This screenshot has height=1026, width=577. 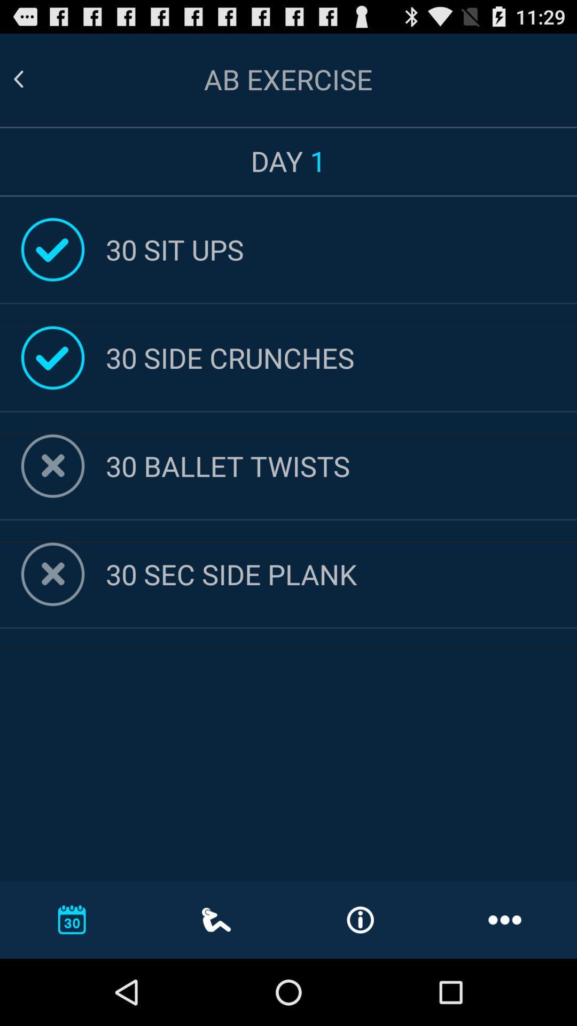 I want to click on the 3 horizontal dots at the bottom right corner of the page, so click(x=505, y=919).